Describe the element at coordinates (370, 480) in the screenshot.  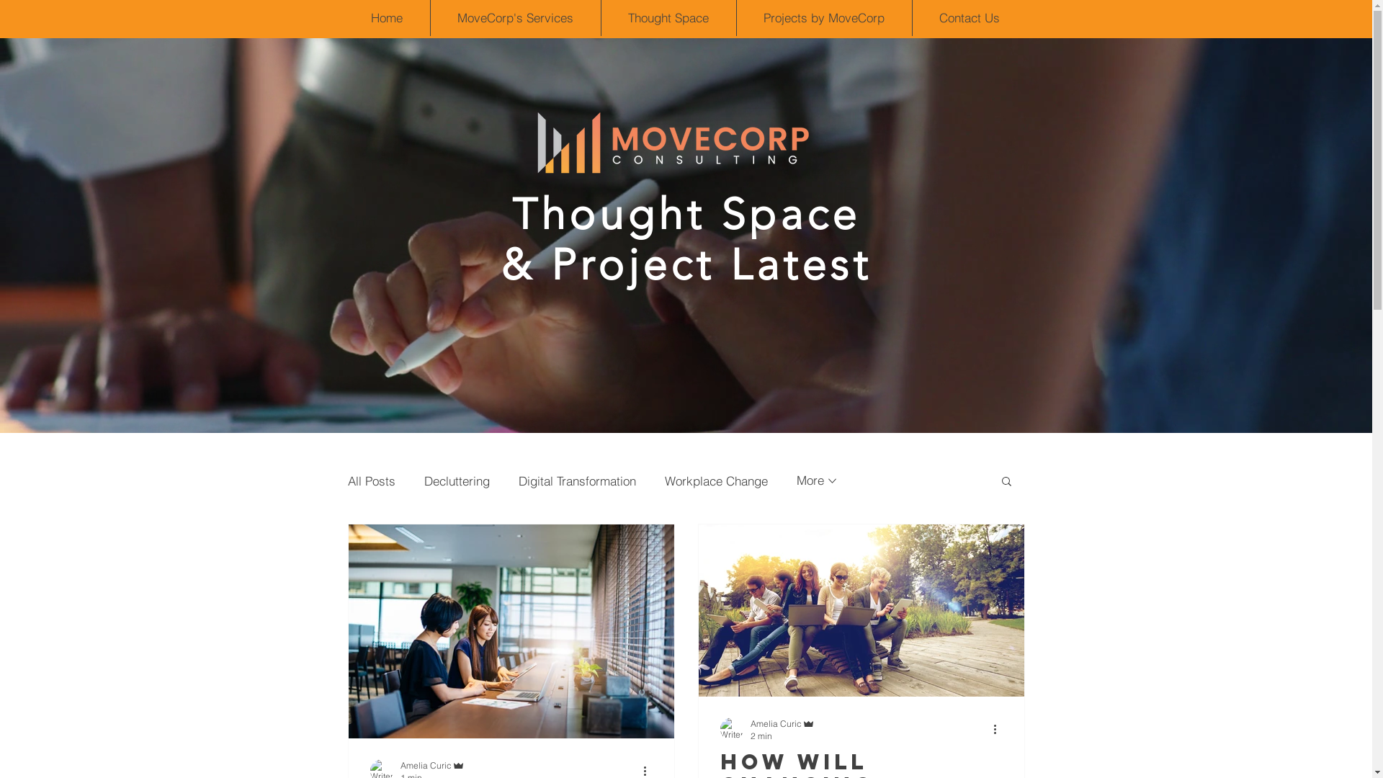
I see `'All Posts'` at that location.